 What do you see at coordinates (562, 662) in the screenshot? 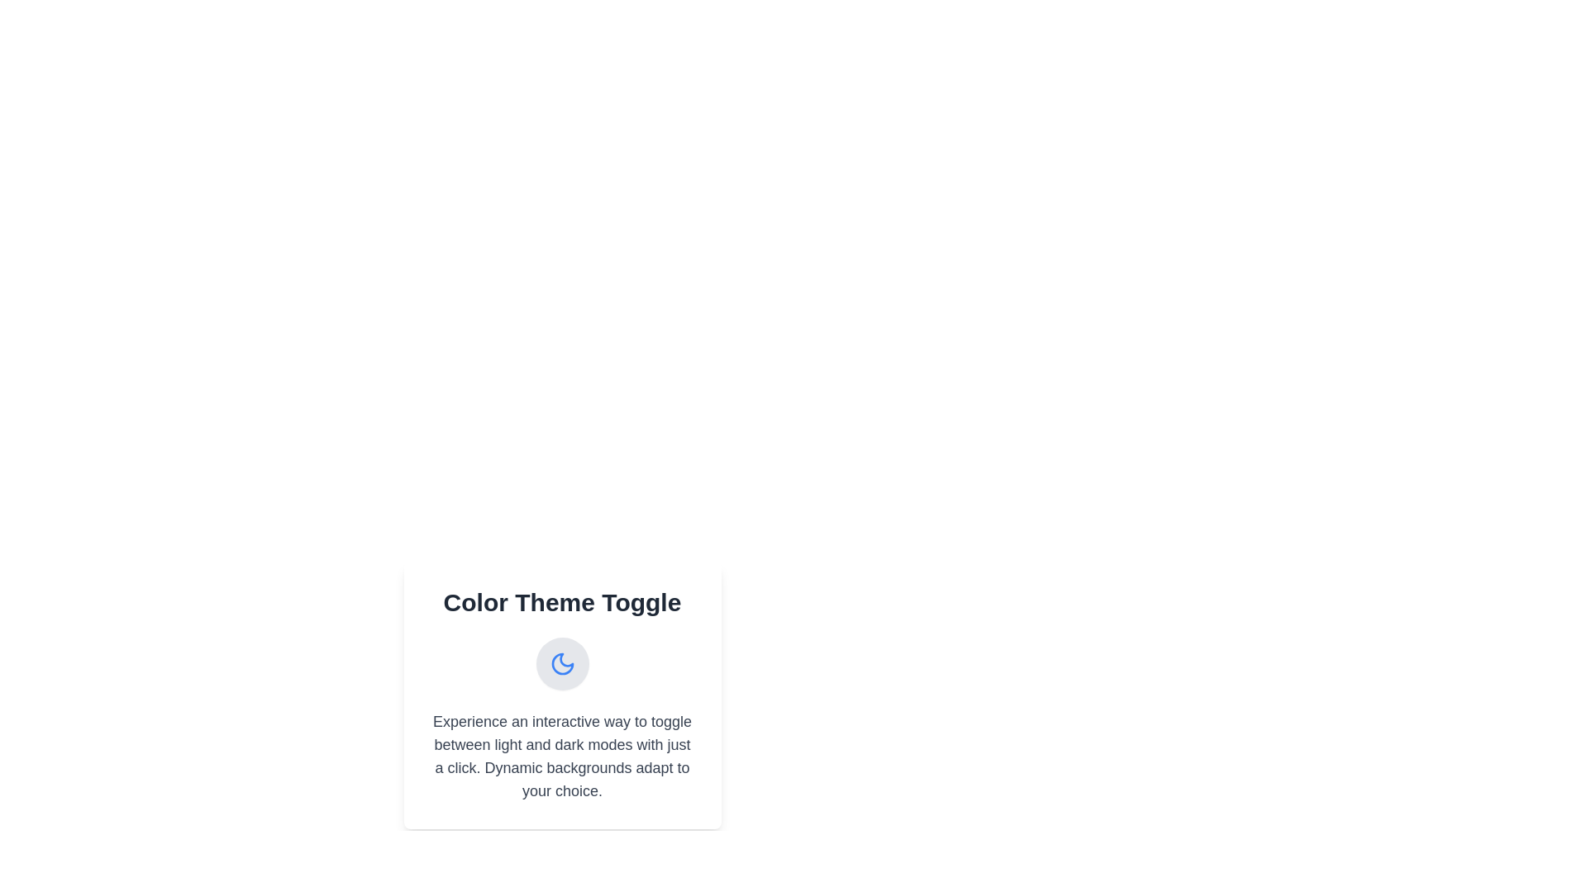
I see `the button located in the middle section of the 'Color Theme Toggle' card` at bounding box center [562, 662].